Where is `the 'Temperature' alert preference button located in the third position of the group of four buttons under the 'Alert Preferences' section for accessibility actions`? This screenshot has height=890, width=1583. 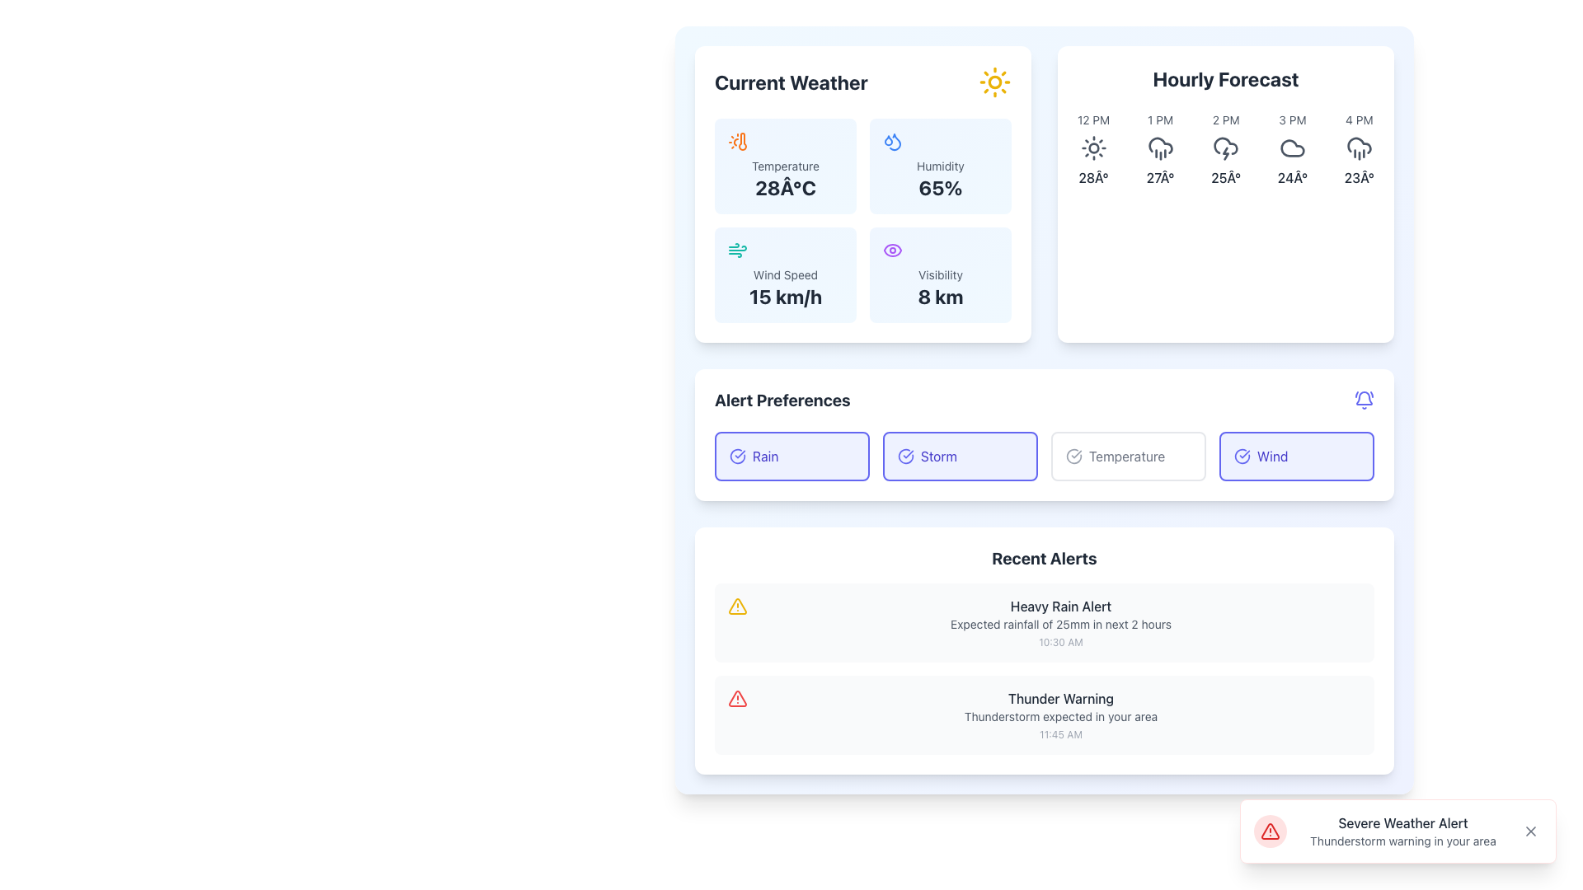
the 'Temperature' alert preference button located in the third position of the group of four buttons under the 'Alert Preferences' section for accessibility actions is located at coordinates (1127, 457).